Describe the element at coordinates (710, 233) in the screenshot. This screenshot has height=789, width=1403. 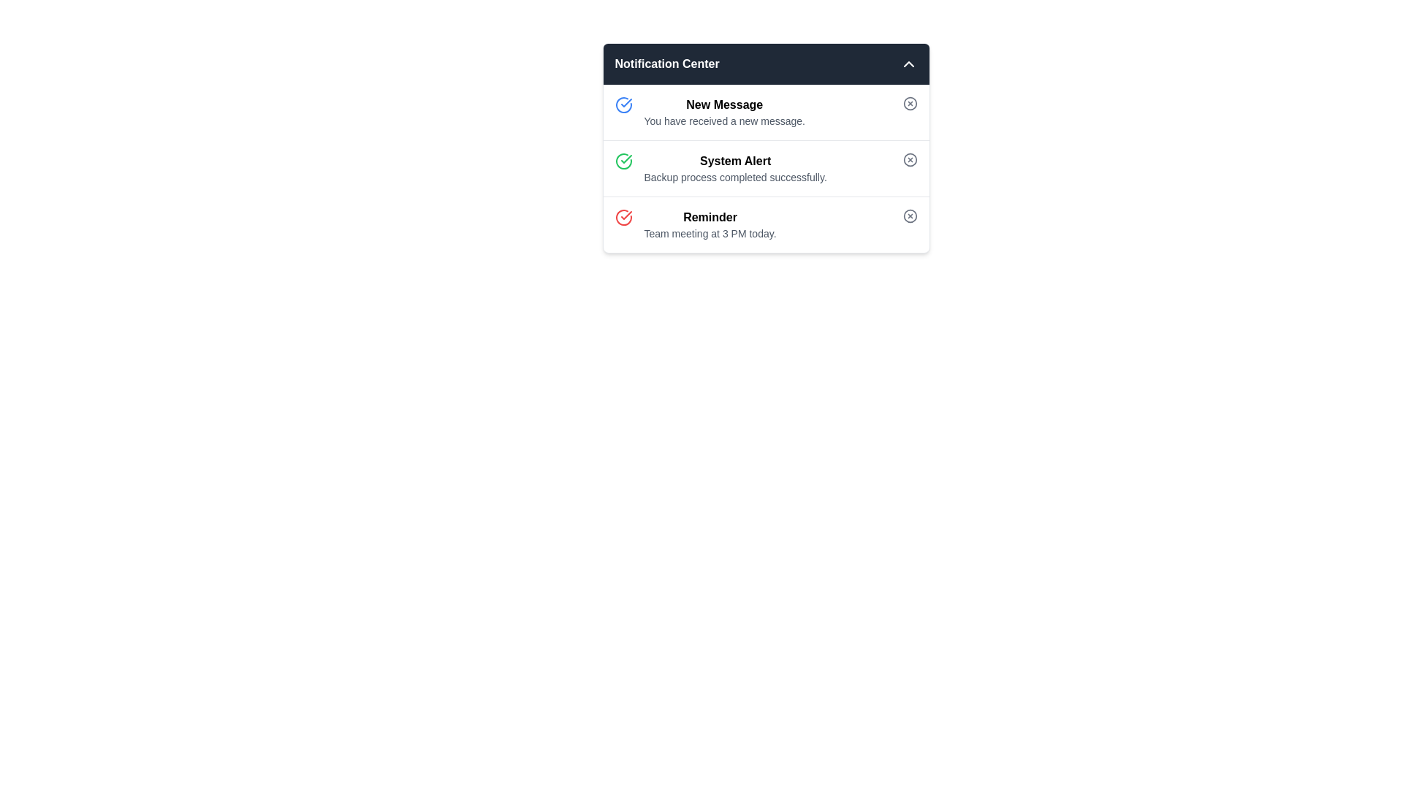
I see `the text label that reads 'Team meeting at 3 PM today.' located in the 'Reminder' section of the 'Notification Center' pane` at that location.